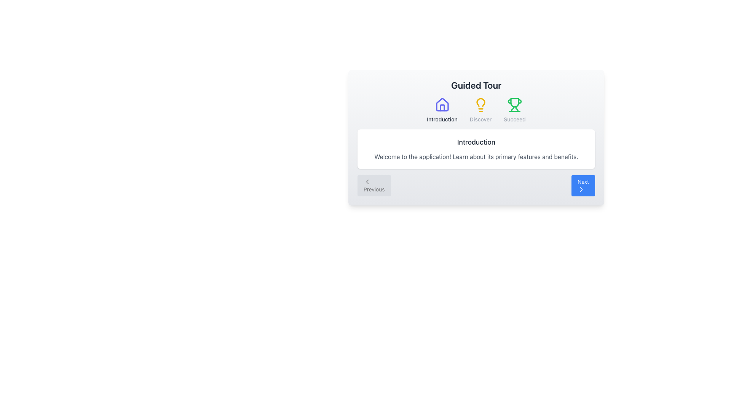 The width and height of the screenshot is (731, 411). Describe the element at coordinates (515, 105) in the screenshot. I see `the green trophy icon under the 'Succeed' label` at that location.